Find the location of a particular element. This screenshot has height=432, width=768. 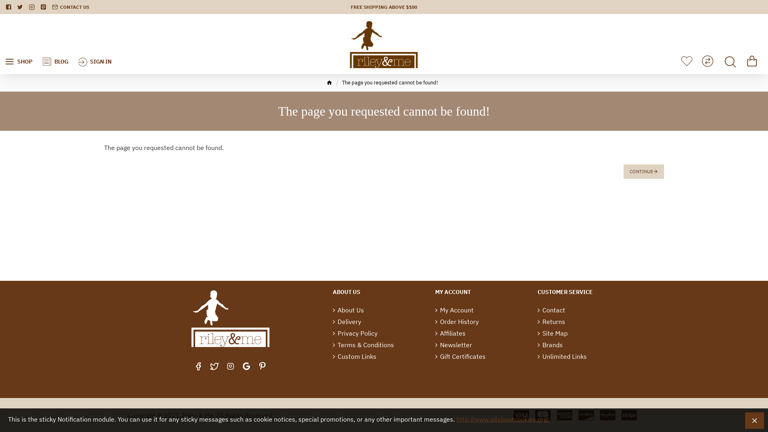

'The page you requested cannot be found!' is located at coordinates (390, 83).